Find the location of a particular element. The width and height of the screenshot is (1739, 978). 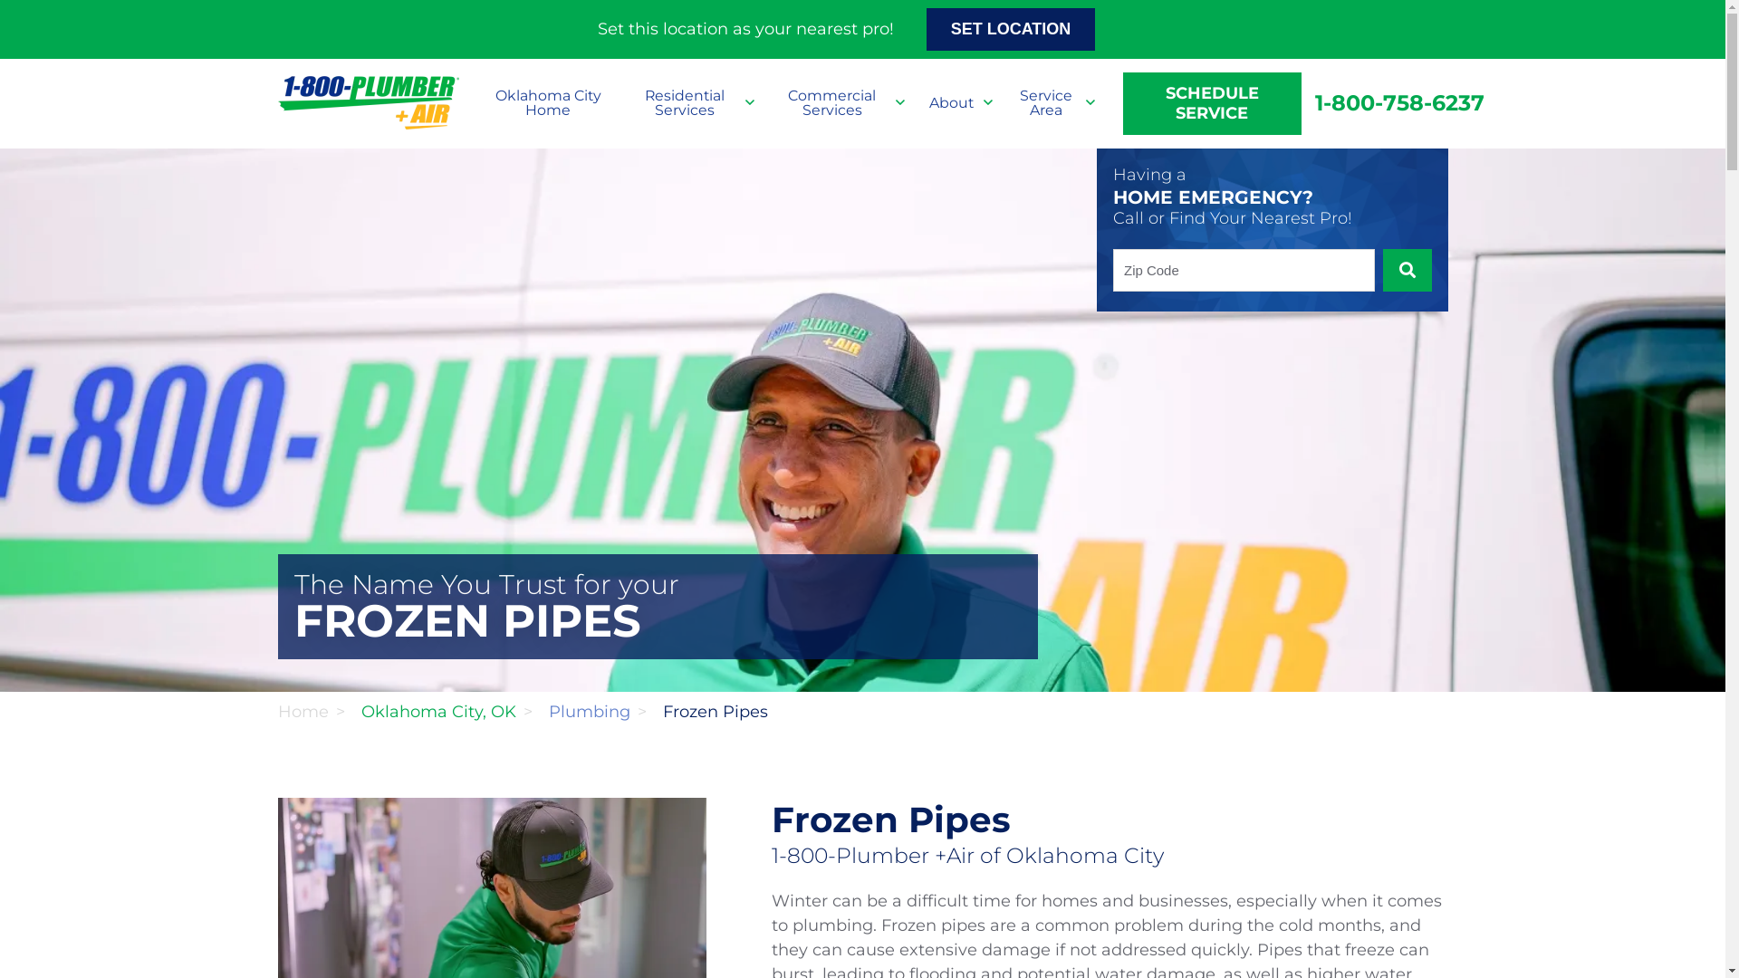

'Residential Services' is located at coordinates (690, 103).